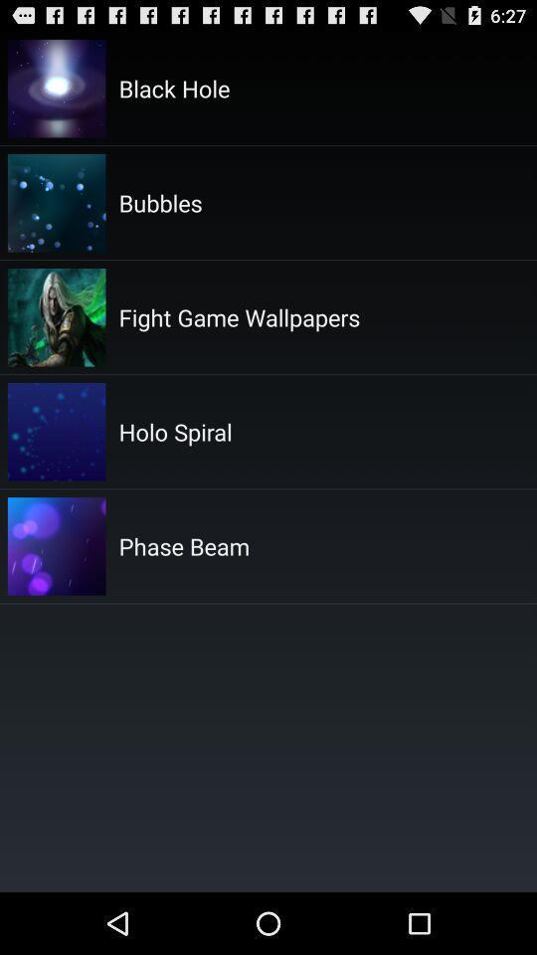  What do you see at coordinates (159, 202) in the screenshot?
I see `bubbles item` at bounding box center [159, 202].